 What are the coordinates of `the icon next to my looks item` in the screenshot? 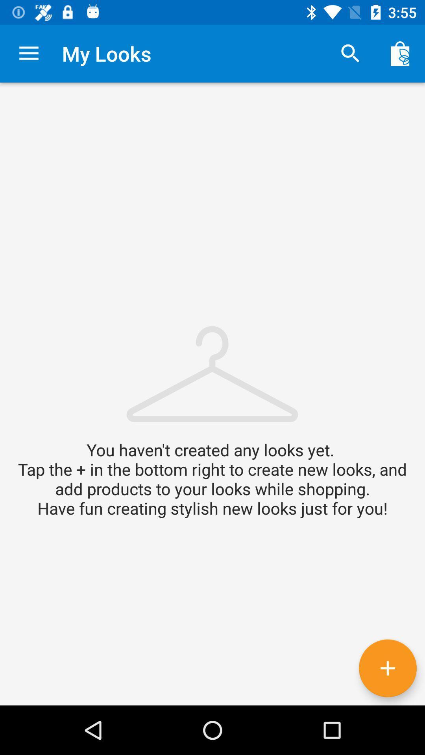 It's located at (350, 53).